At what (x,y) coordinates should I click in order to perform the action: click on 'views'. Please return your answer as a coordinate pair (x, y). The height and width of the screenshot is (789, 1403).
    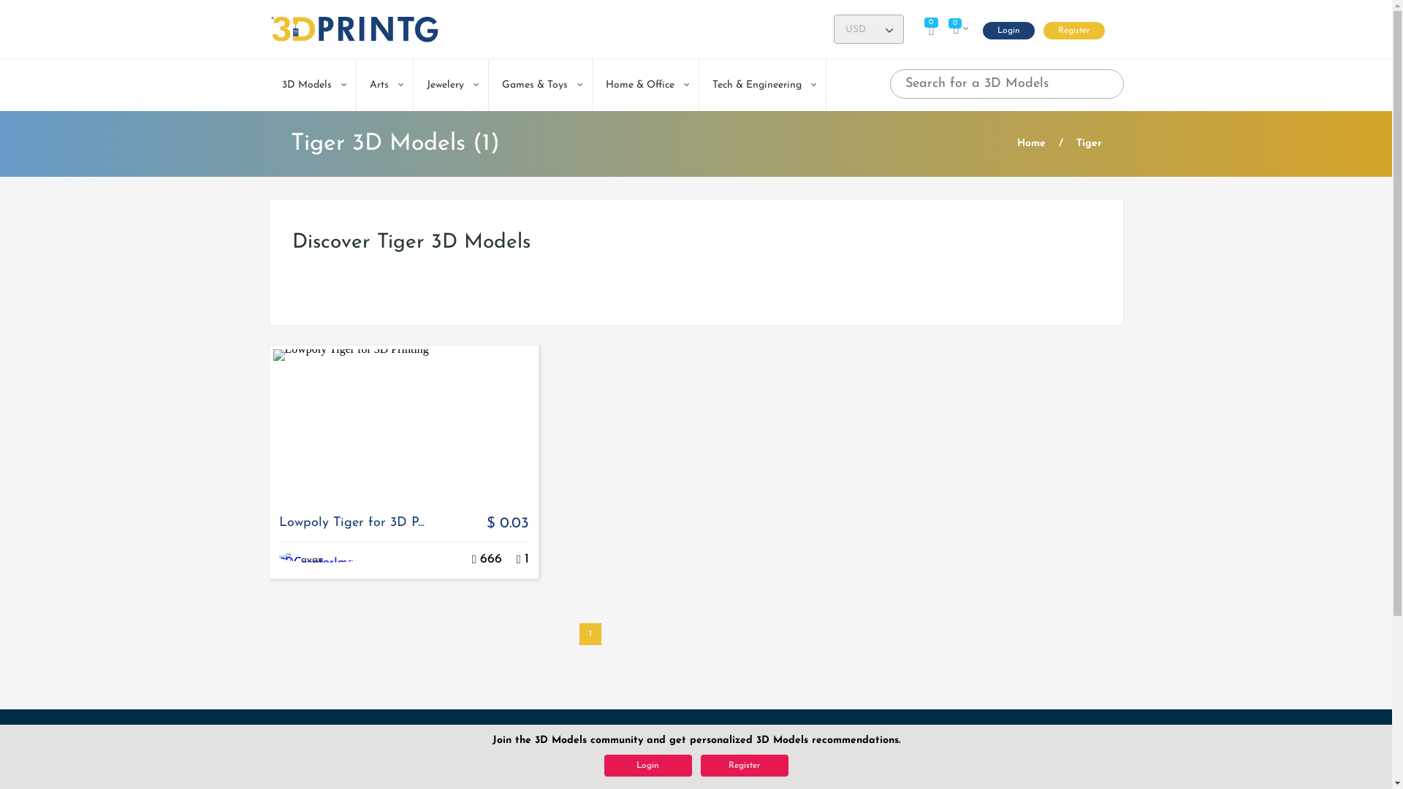
    Looking at the image, I should click on (474, 559).